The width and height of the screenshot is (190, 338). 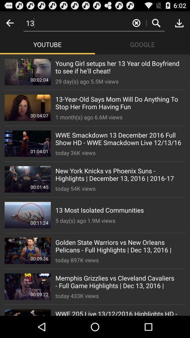 I want to click on search button, so click(x=156, y=23).